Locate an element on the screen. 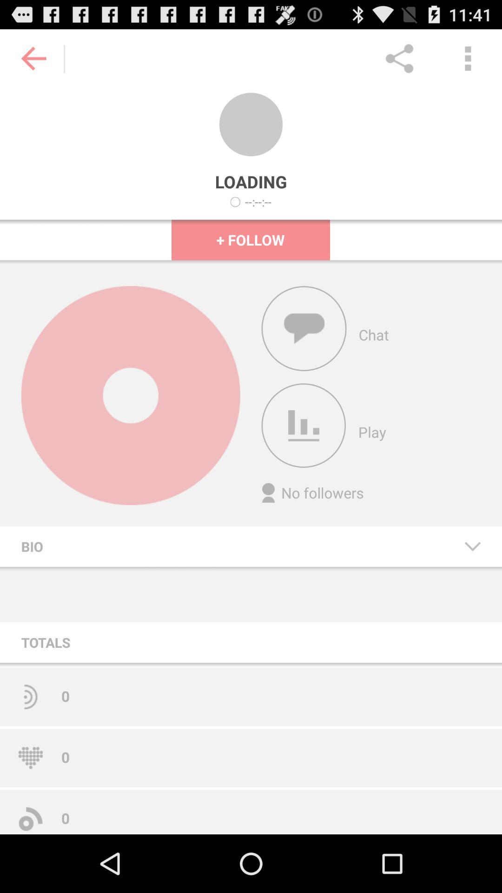 The height and width of the screenshot is (893, 502). the icon next to chat item is located at coordinates (304, 328).